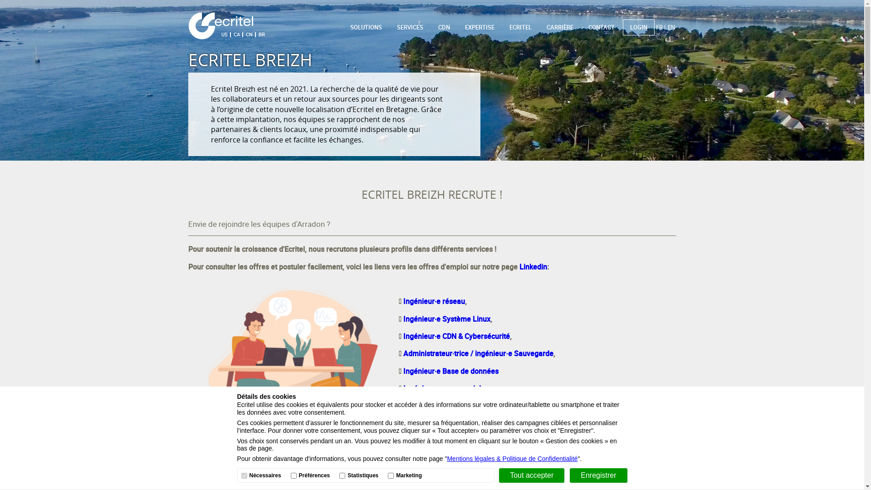  I want to click on 'ECRITEL', so click(520, 27).